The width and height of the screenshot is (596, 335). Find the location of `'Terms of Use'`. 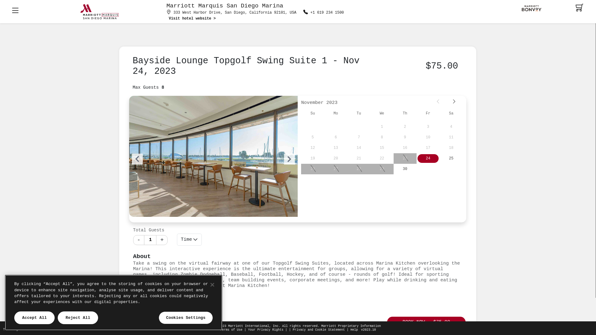

'Terms of Use' is located at coordinates (231, 329).